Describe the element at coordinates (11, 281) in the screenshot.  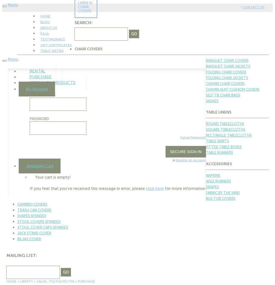
I see `'Home'` at that location.